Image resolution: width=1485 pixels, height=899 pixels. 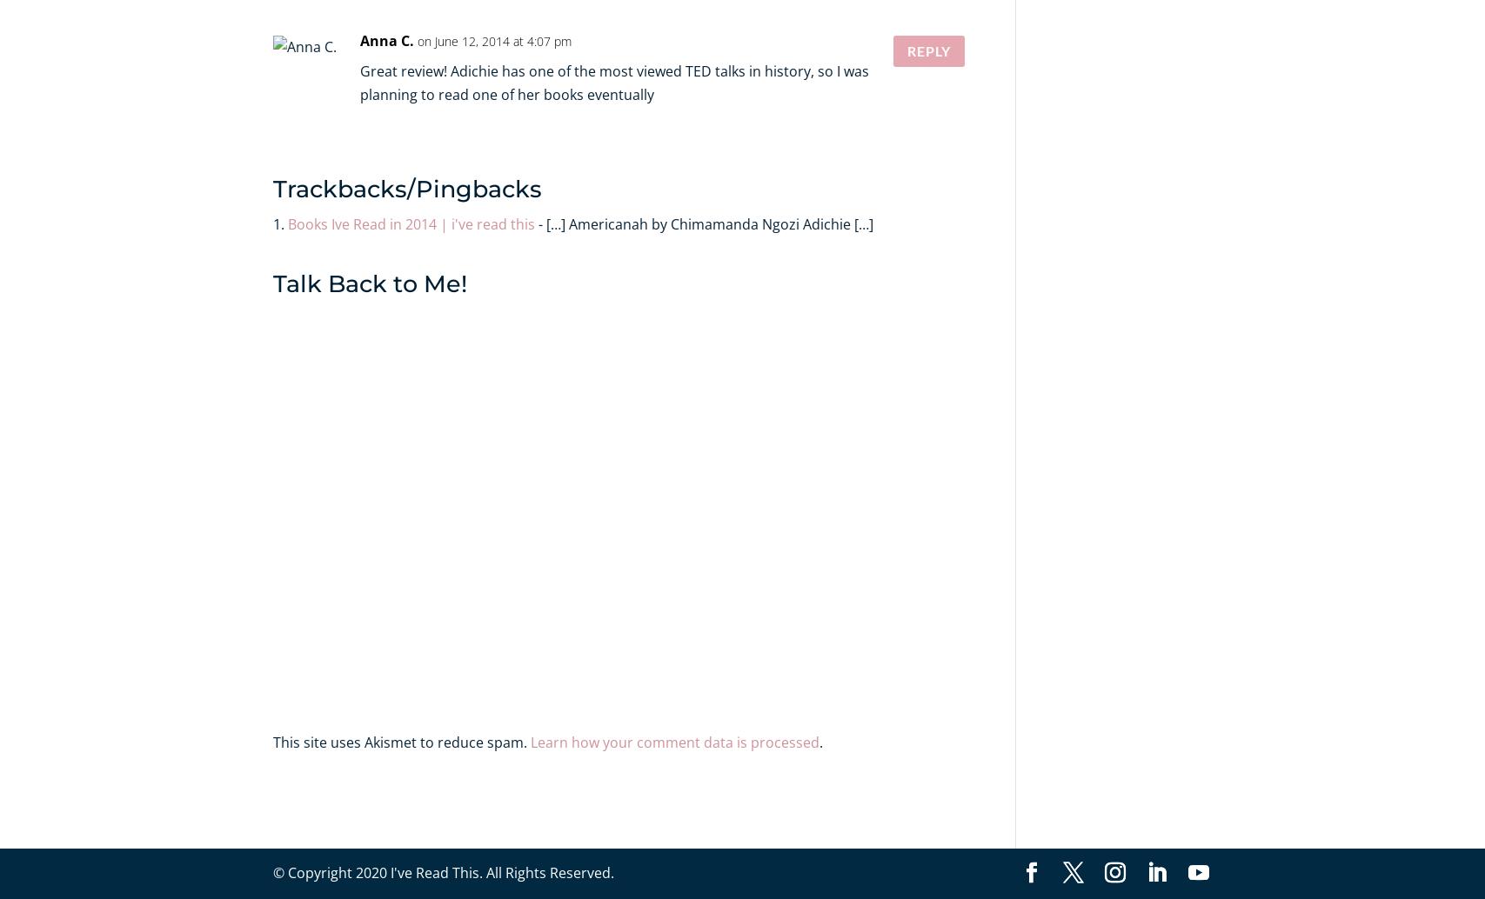 What do you see at coordinates (703, 223) in the screenshot?
I see `'- […] Americanah by Chimamanda Ngozi Adichie […]'` at bounding box center [703, 223].